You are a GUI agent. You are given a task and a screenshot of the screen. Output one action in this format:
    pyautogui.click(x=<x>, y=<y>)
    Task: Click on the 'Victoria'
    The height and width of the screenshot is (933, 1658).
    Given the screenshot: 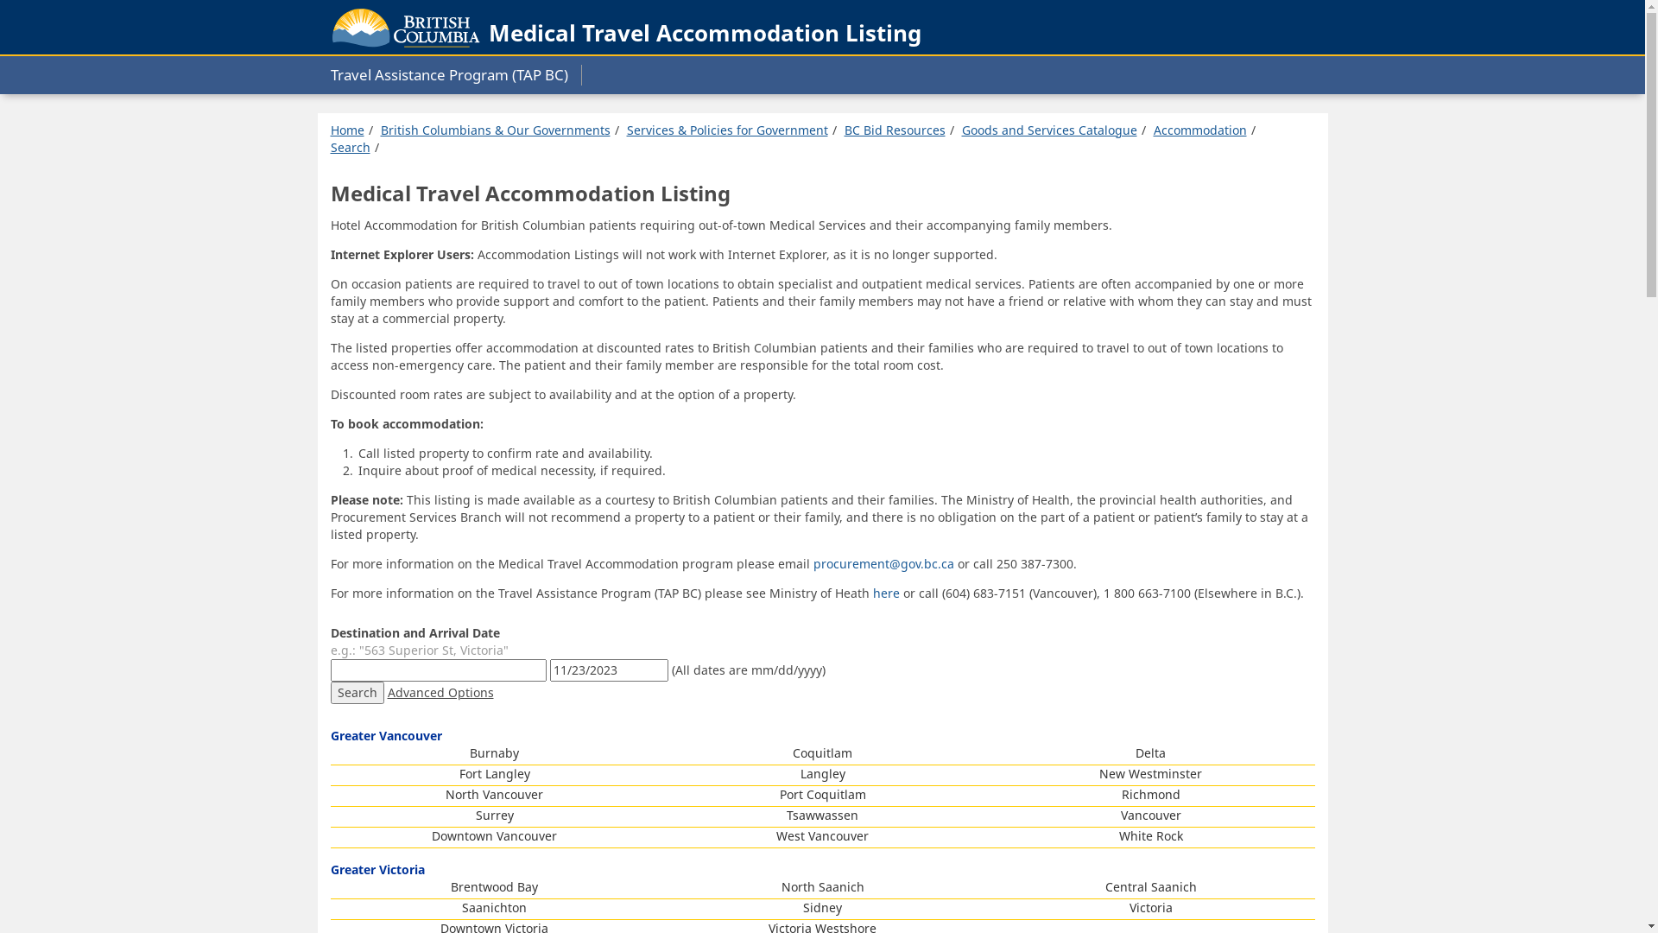 What is the action you would take?
    pyautogui.click(x=1151, y=906)
    